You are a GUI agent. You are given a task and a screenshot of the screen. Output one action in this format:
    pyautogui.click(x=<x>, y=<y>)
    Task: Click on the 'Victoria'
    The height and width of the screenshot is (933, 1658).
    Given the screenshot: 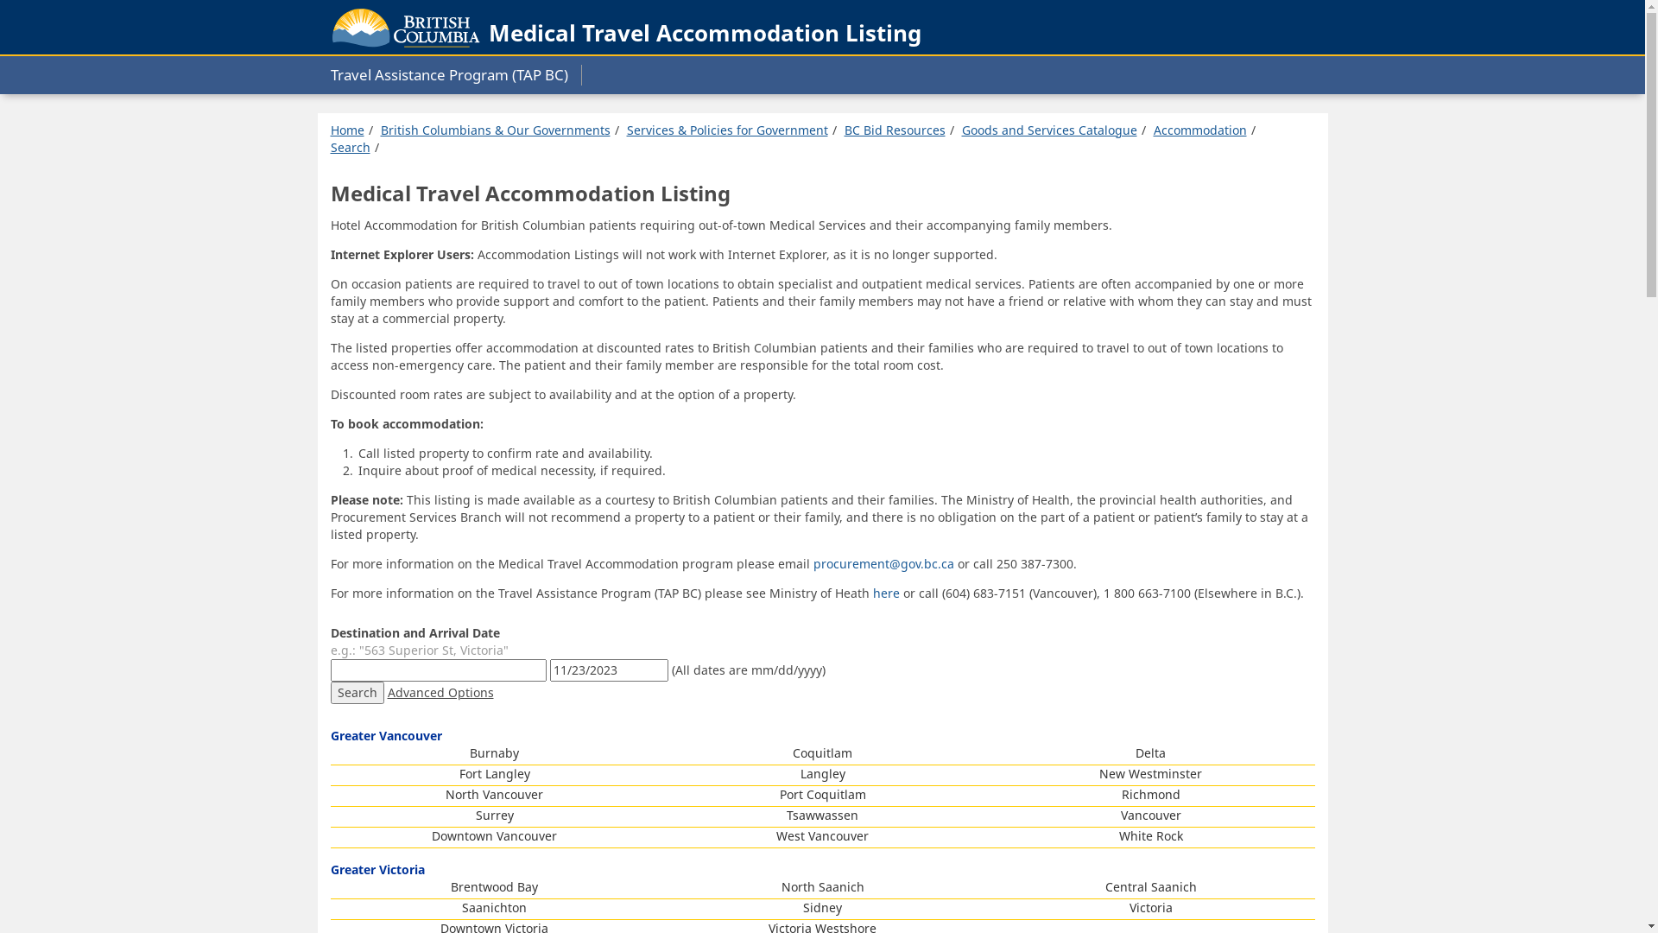 What is the action you would take?
    pyautogui.click(x=1151, y=906)
    